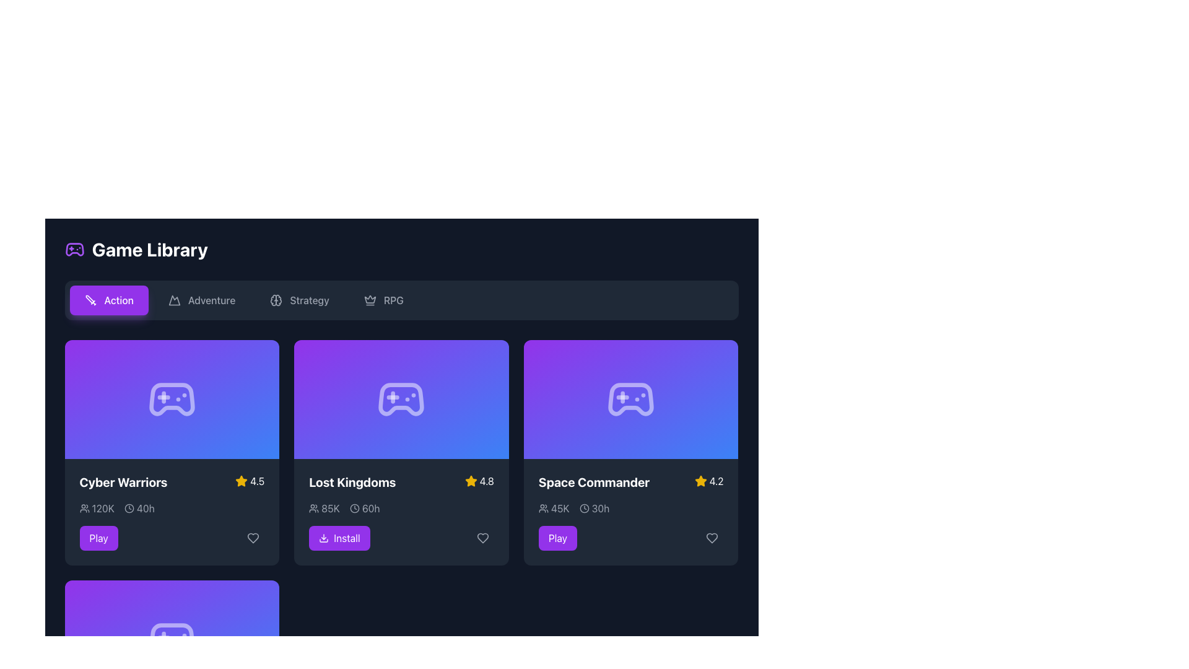 Image resolution: width=1189 pixels, height=669 pixels. Describe the element at coordinates (383, 300) in the screenshot. I see `the 'RPG' button, which has a crown icon and is styled with a dark background` at that location.